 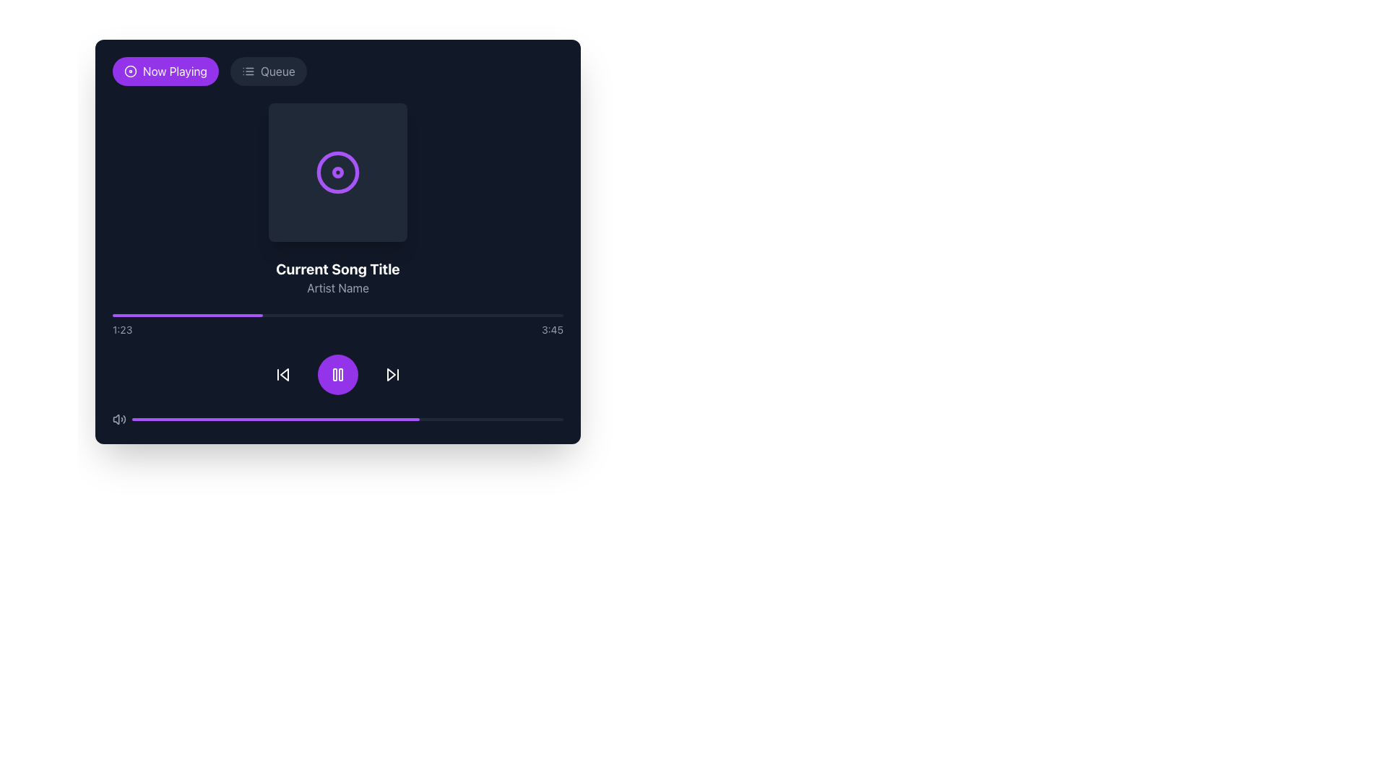 What do you see at coordinates (337, 314) in the screenshot?
I see `the progress visualized by the progress bar located in the lower central section of the interface, positioned between the time labels '1:23' and '3:45'` at bounding box center [337, 314].